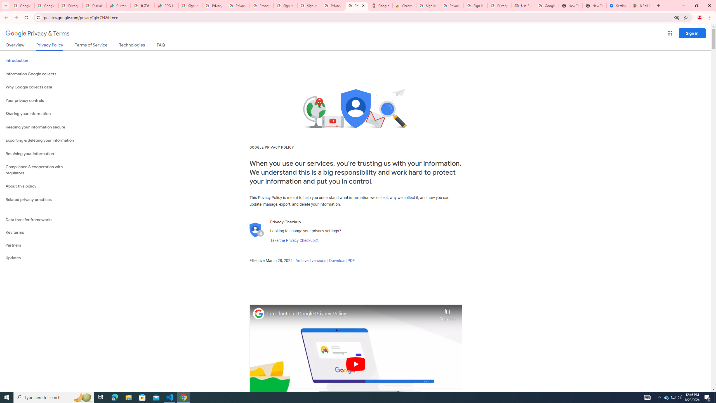 This screenshot has width=716, height=403. I want to click on '8 Ball Pool - Apps on Google Play', so click(642, 5).